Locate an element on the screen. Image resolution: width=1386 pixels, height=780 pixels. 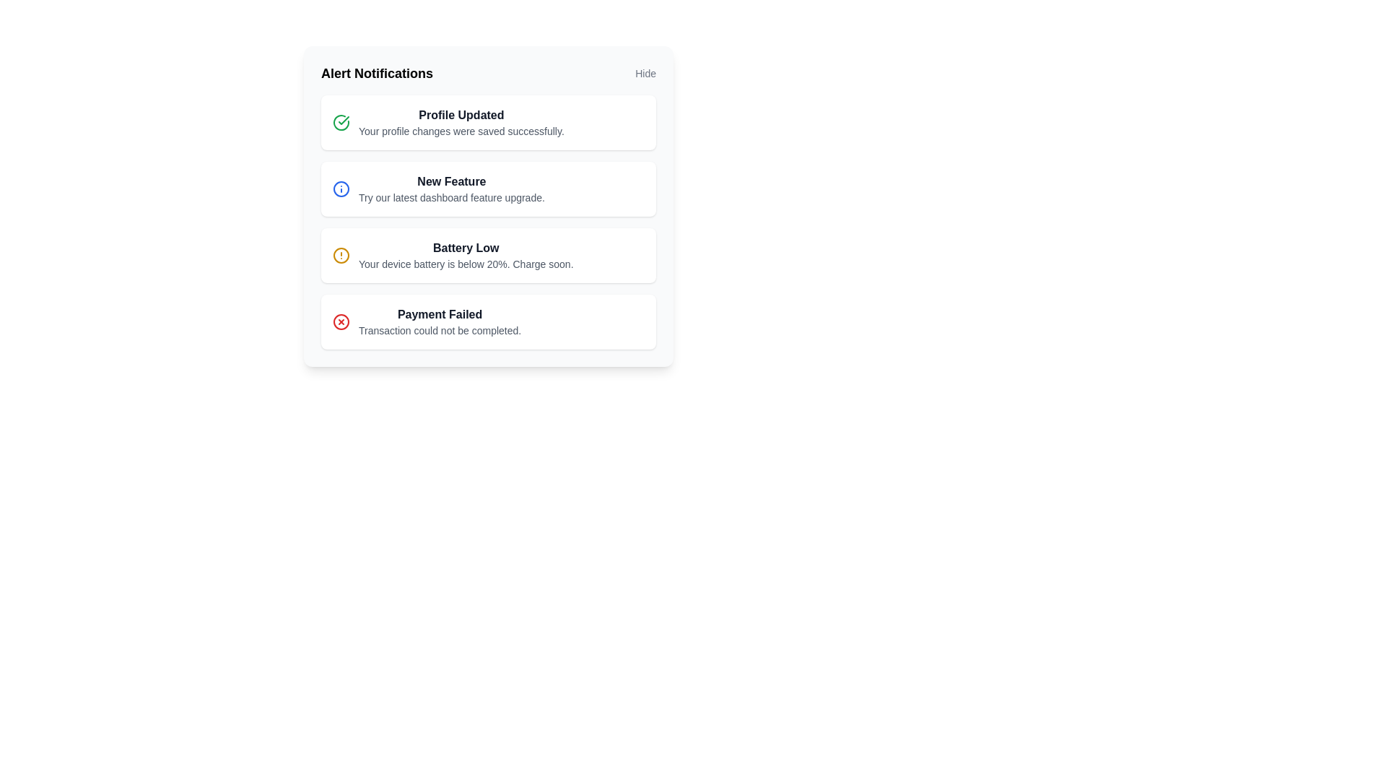
the bold text element displaying 'New Feature', which is located within the second notification item, positioned below 'Profile Updated' and above 'Battery Low' is located at coordinates (450, 181).